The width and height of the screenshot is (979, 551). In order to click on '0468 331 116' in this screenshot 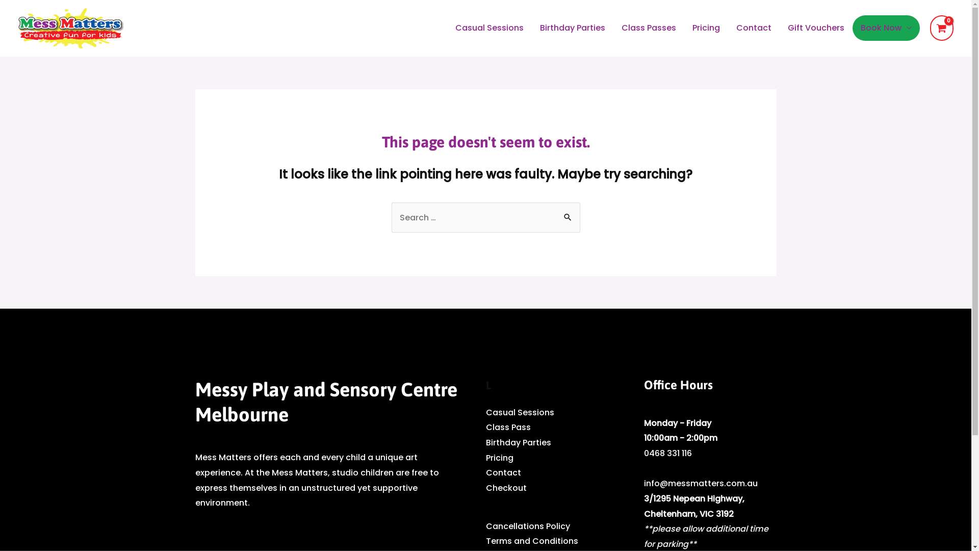, I will do `click(667, 453)`.